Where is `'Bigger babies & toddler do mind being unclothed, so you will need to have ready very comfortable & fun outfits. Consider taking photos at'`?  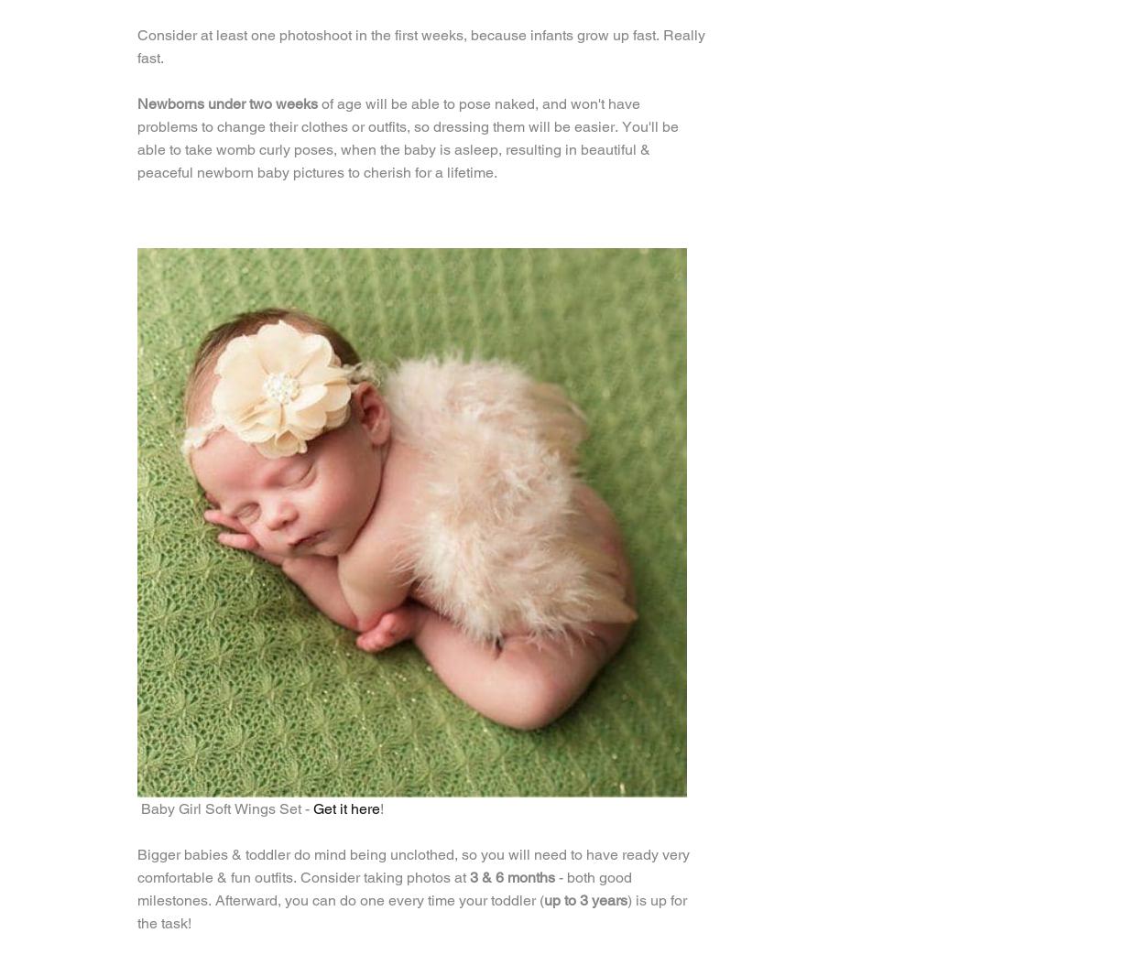 'Bigger babies & toddler do mind being unclothed, so you will need to have ready very comfortable & fun outfits. Consider taking photos at' is located at coordinates (137, 865).